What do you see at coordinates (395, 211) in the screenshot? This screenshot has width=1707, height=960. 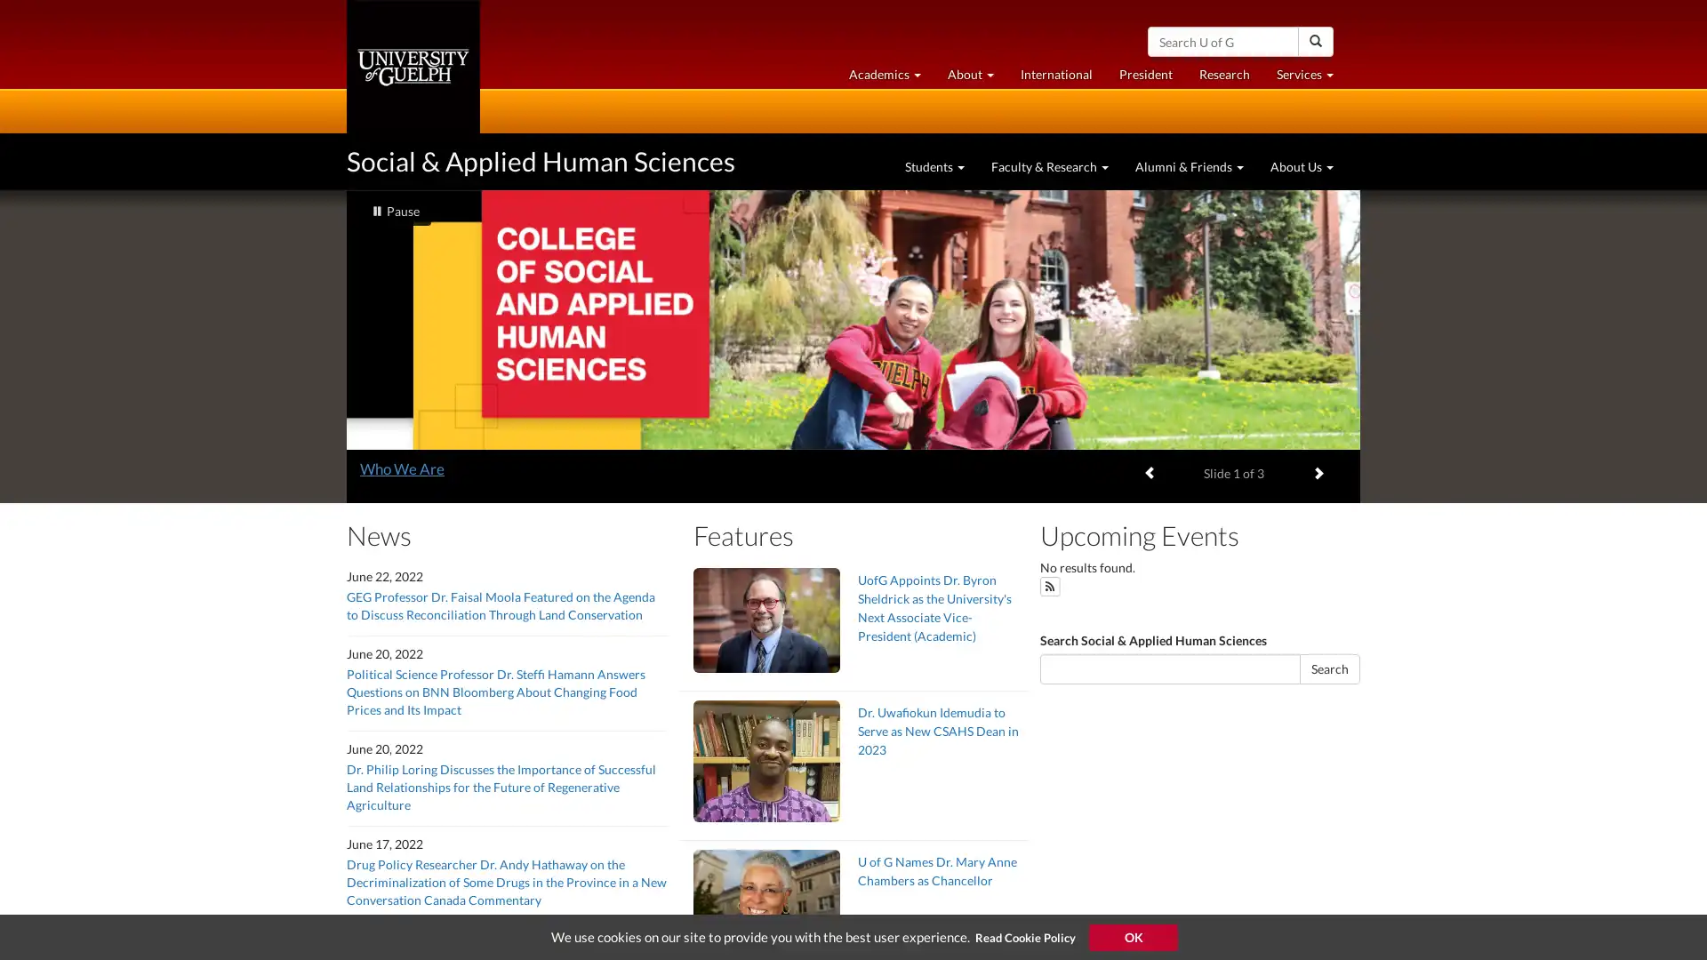 I see `slideshow playing Pause slideshow` at bounding box center [395, 211].